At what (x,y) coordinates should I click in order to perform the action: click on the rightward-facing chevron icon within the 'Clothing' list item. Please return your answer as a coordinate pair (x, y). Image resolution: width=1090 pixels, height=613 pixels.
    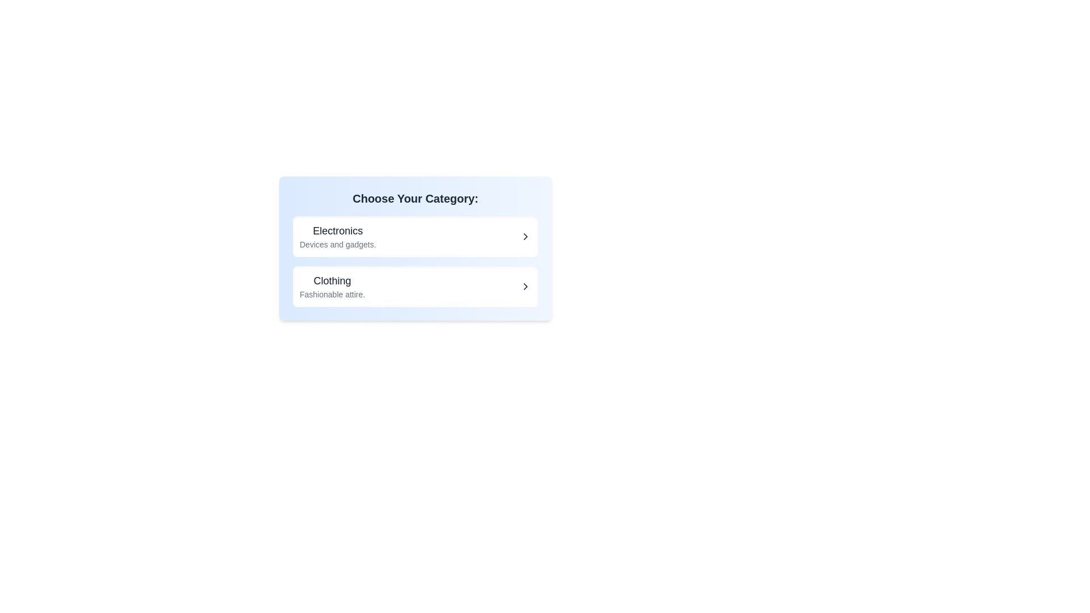
    Looking at the image, I should click on (525, 286).